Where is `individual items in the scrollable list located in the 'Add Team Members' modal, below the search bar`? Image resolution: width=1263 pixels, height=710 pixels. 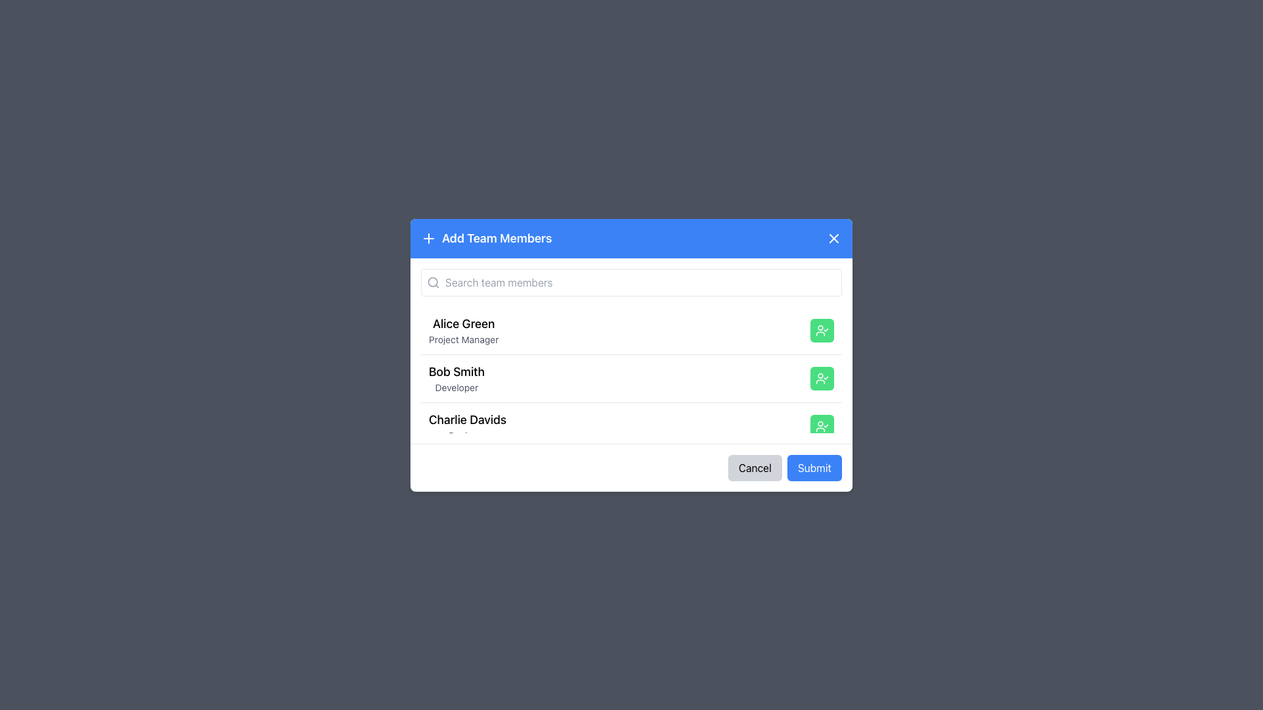
individual items in the scrollable list located in the 'Add Team Members' modal, below the search bar is located at coordinates (631, 369).